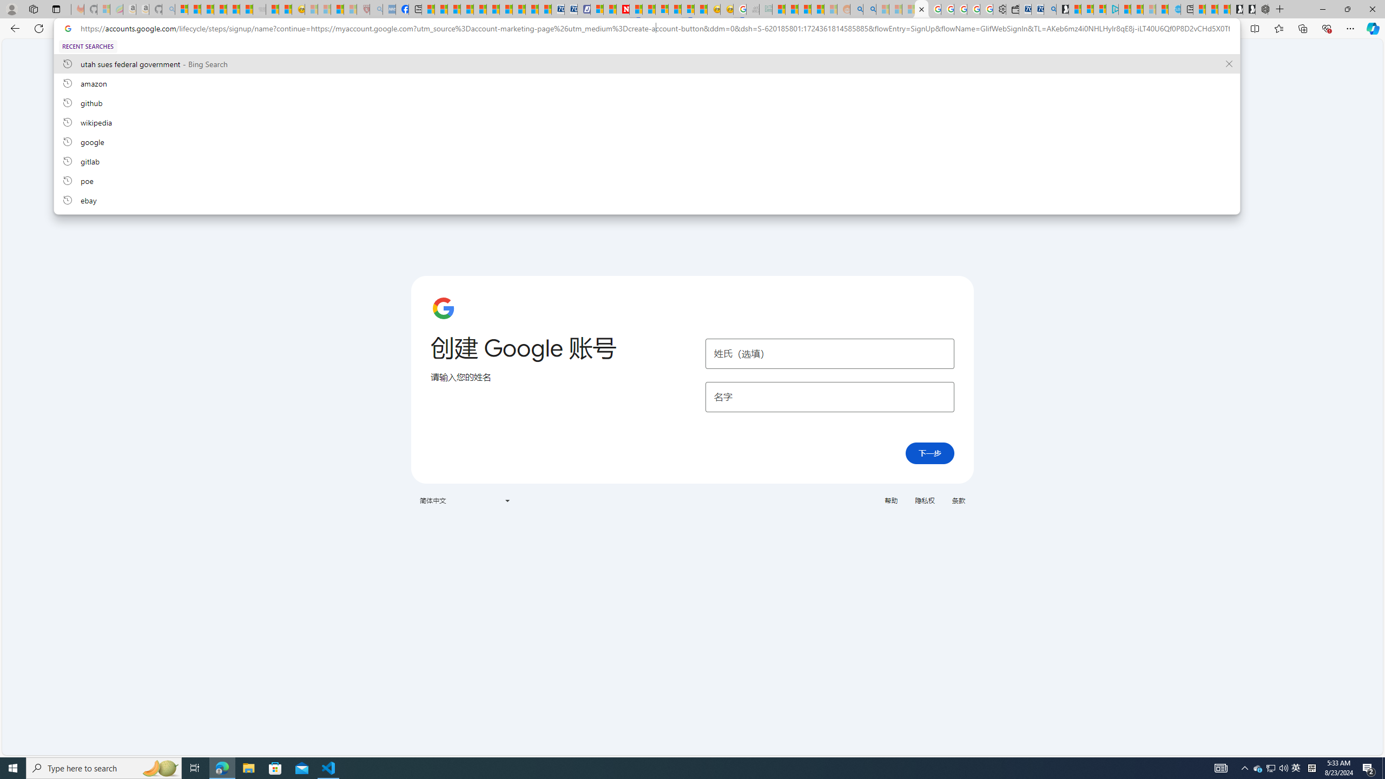  What do you see at coordinates (635, 9) in the screenshot?
I see `'Trusted Community Engagement and Contributions | Guidelines'` at bounding box center [635, 9].